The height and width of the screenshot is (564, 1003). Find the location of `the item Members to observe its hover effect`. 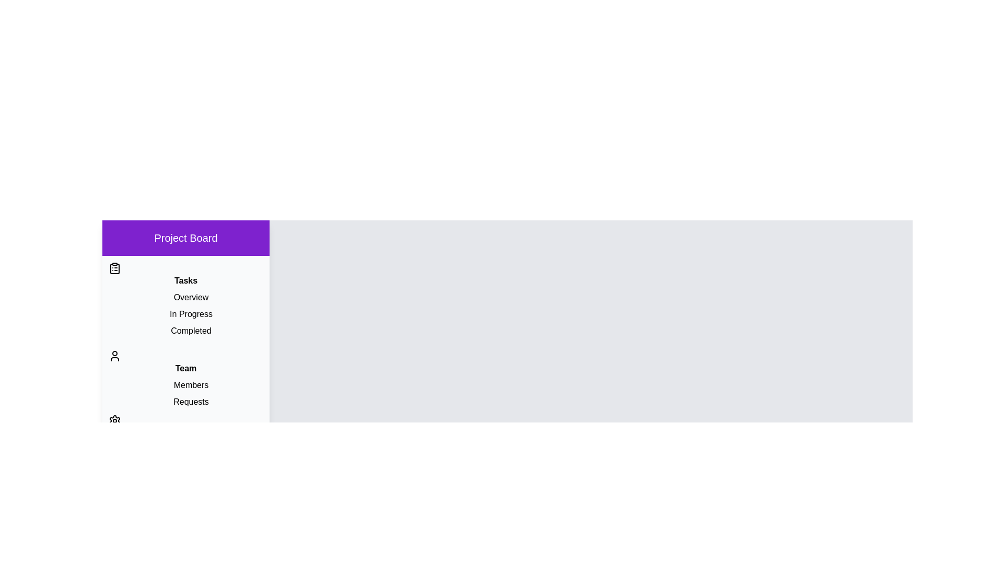

the item Members to observe its hover effect is located at coordinates (185, 385).